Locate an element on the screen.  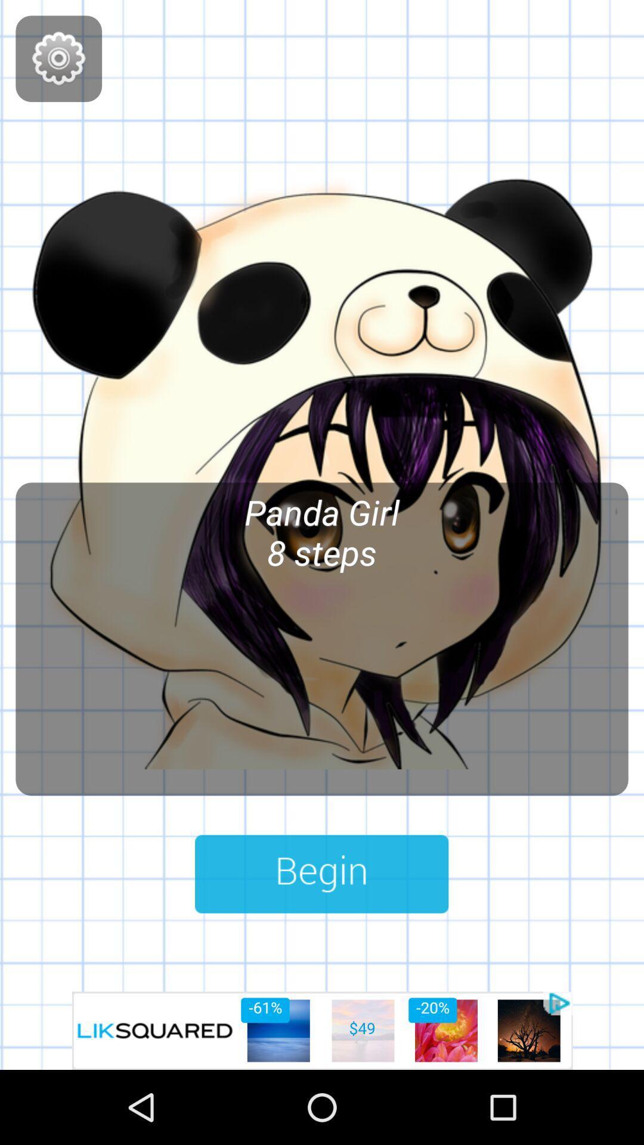
option is located at coordinates (322, 1030).